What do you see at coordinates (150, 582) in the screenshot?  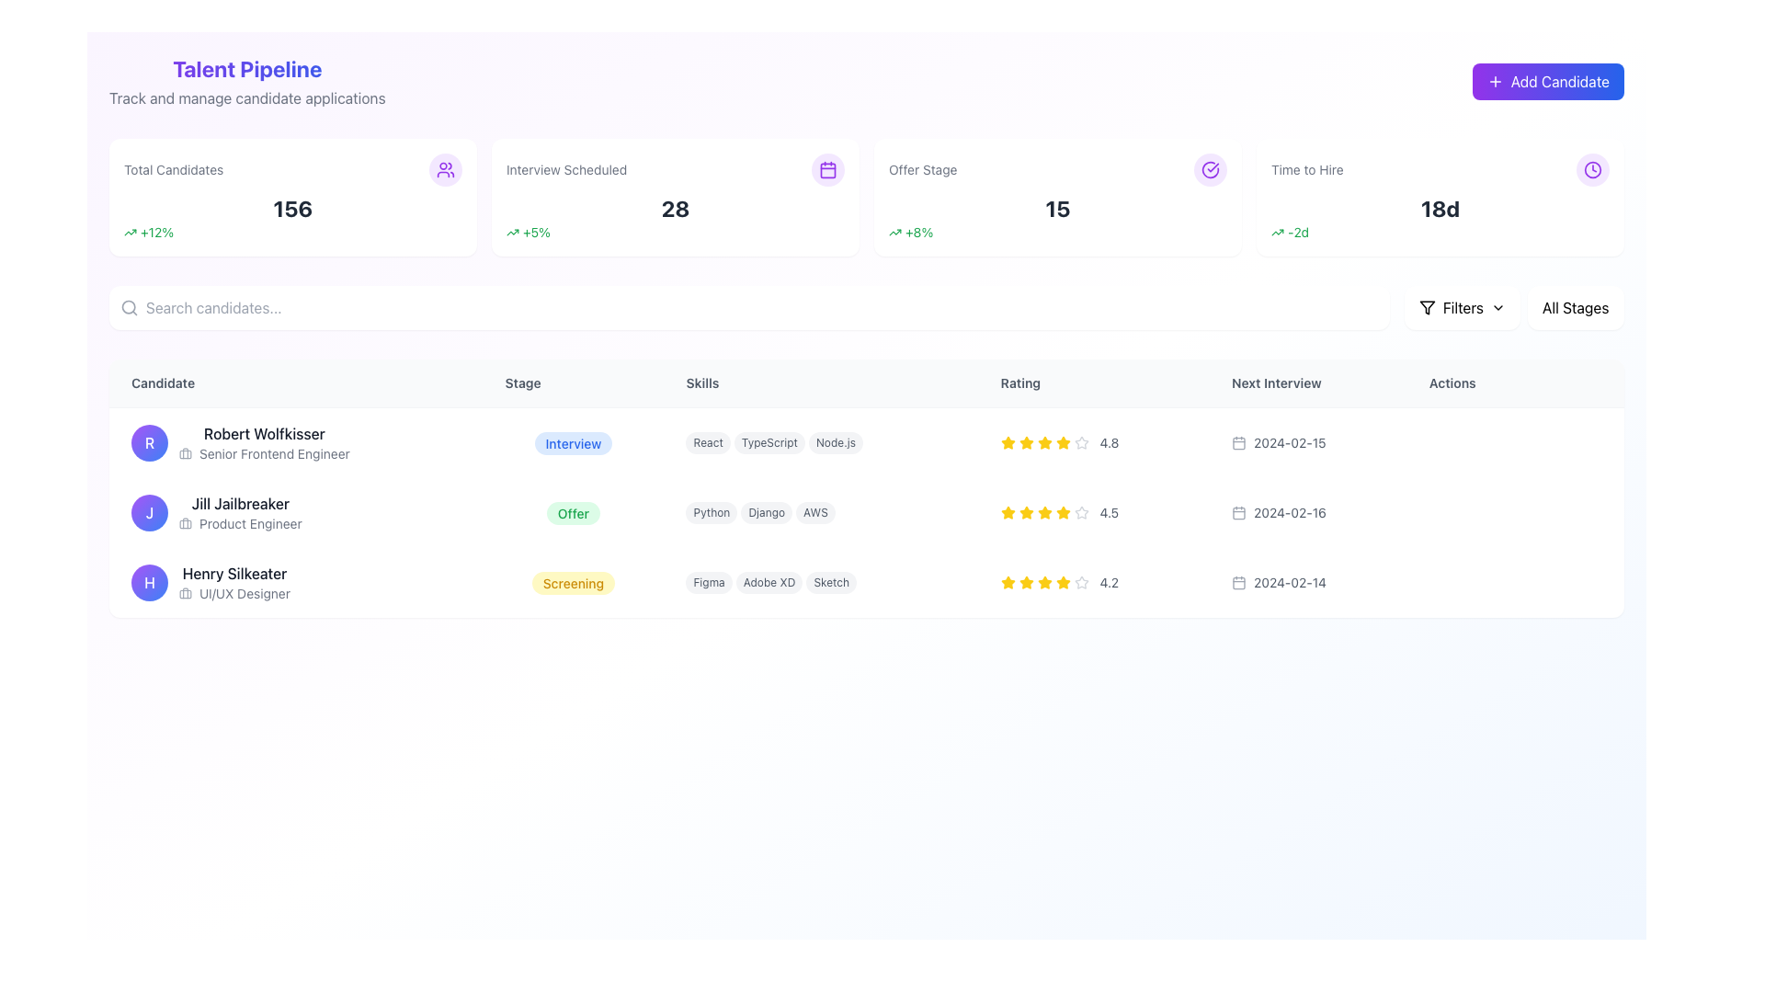 I see `the circular Avatar Badge featuring a gradient background from purple to blue with a bold white 'H' inside, located to the left of 'Henry Silkeater' and 'UI/UX Designer' in the candidate list, third row from the top` at bounding box center [150, 582].